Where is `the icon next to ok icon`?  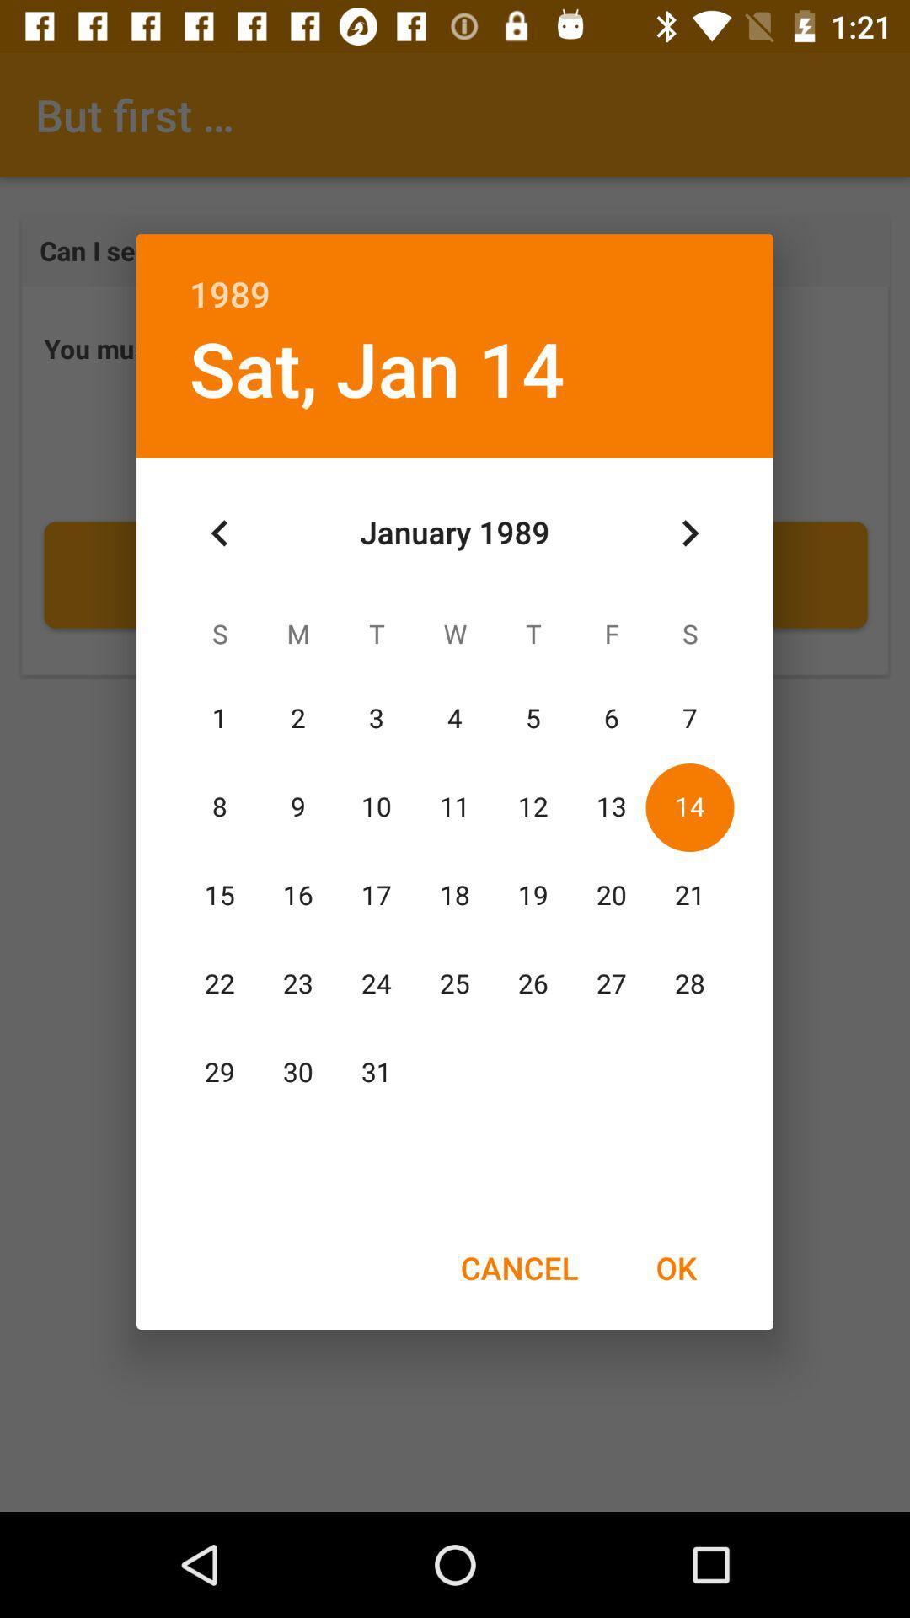 the icon next to ok icon is located at coordinates (518, 1267).